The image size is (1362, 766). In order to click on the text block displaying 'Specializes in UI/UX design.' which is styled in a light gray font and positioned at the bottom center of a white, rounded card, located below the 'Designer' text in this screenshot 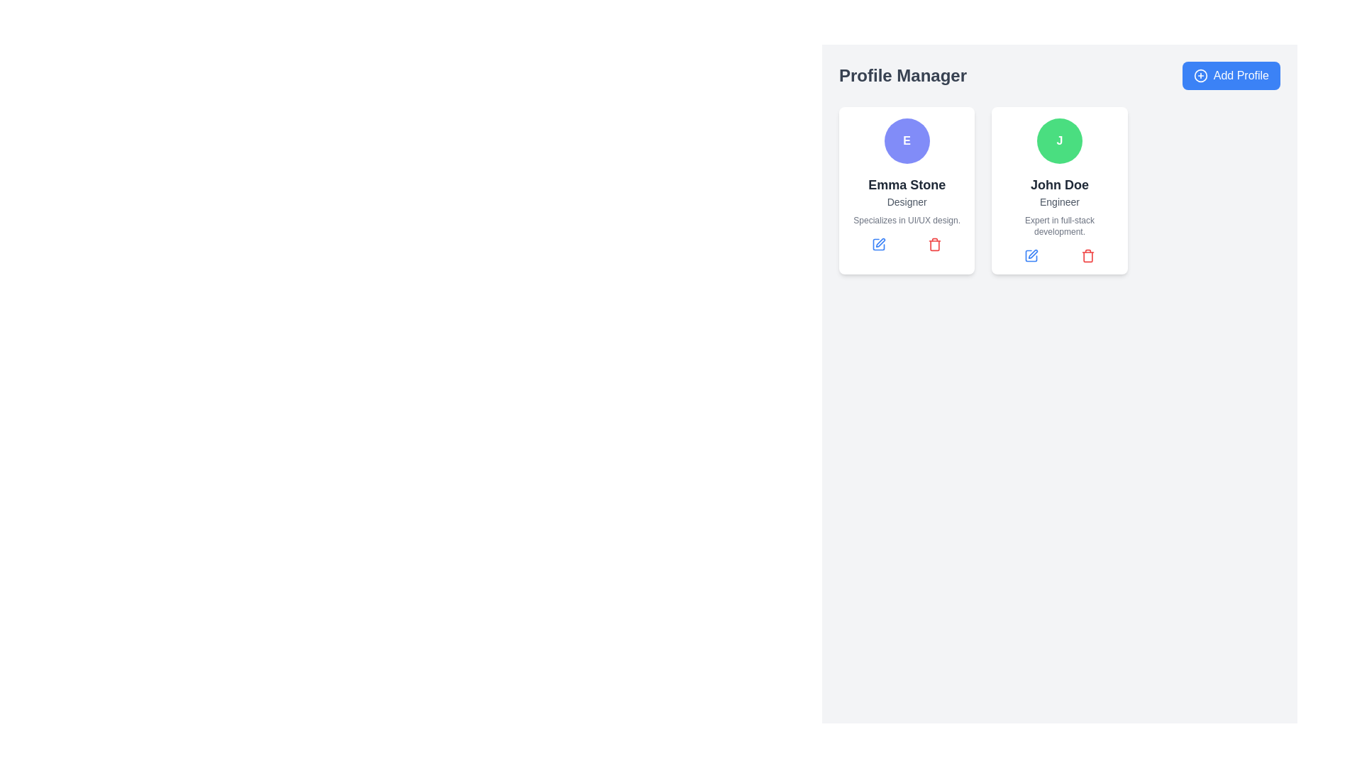, I will do `click(906, 221)`.